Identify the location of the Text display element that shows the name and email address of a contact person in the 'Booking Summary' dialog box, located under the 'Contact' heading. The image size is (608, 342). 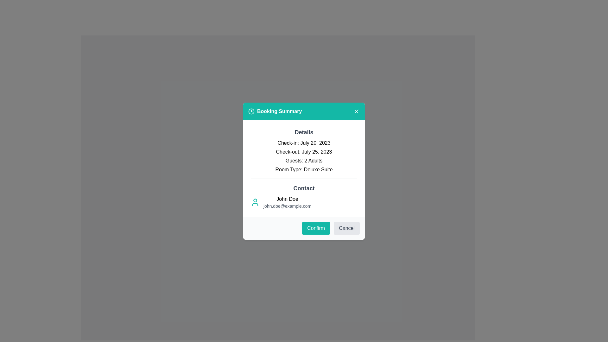
(287, 202).